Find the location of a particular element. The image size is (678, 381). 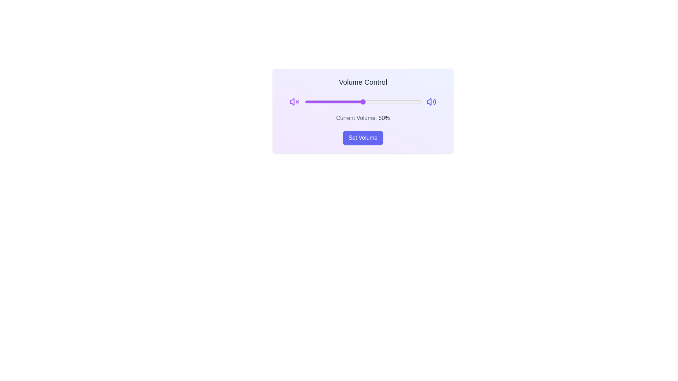

the volume slider to set the volume to 98% is located at coordinates (418, 102).